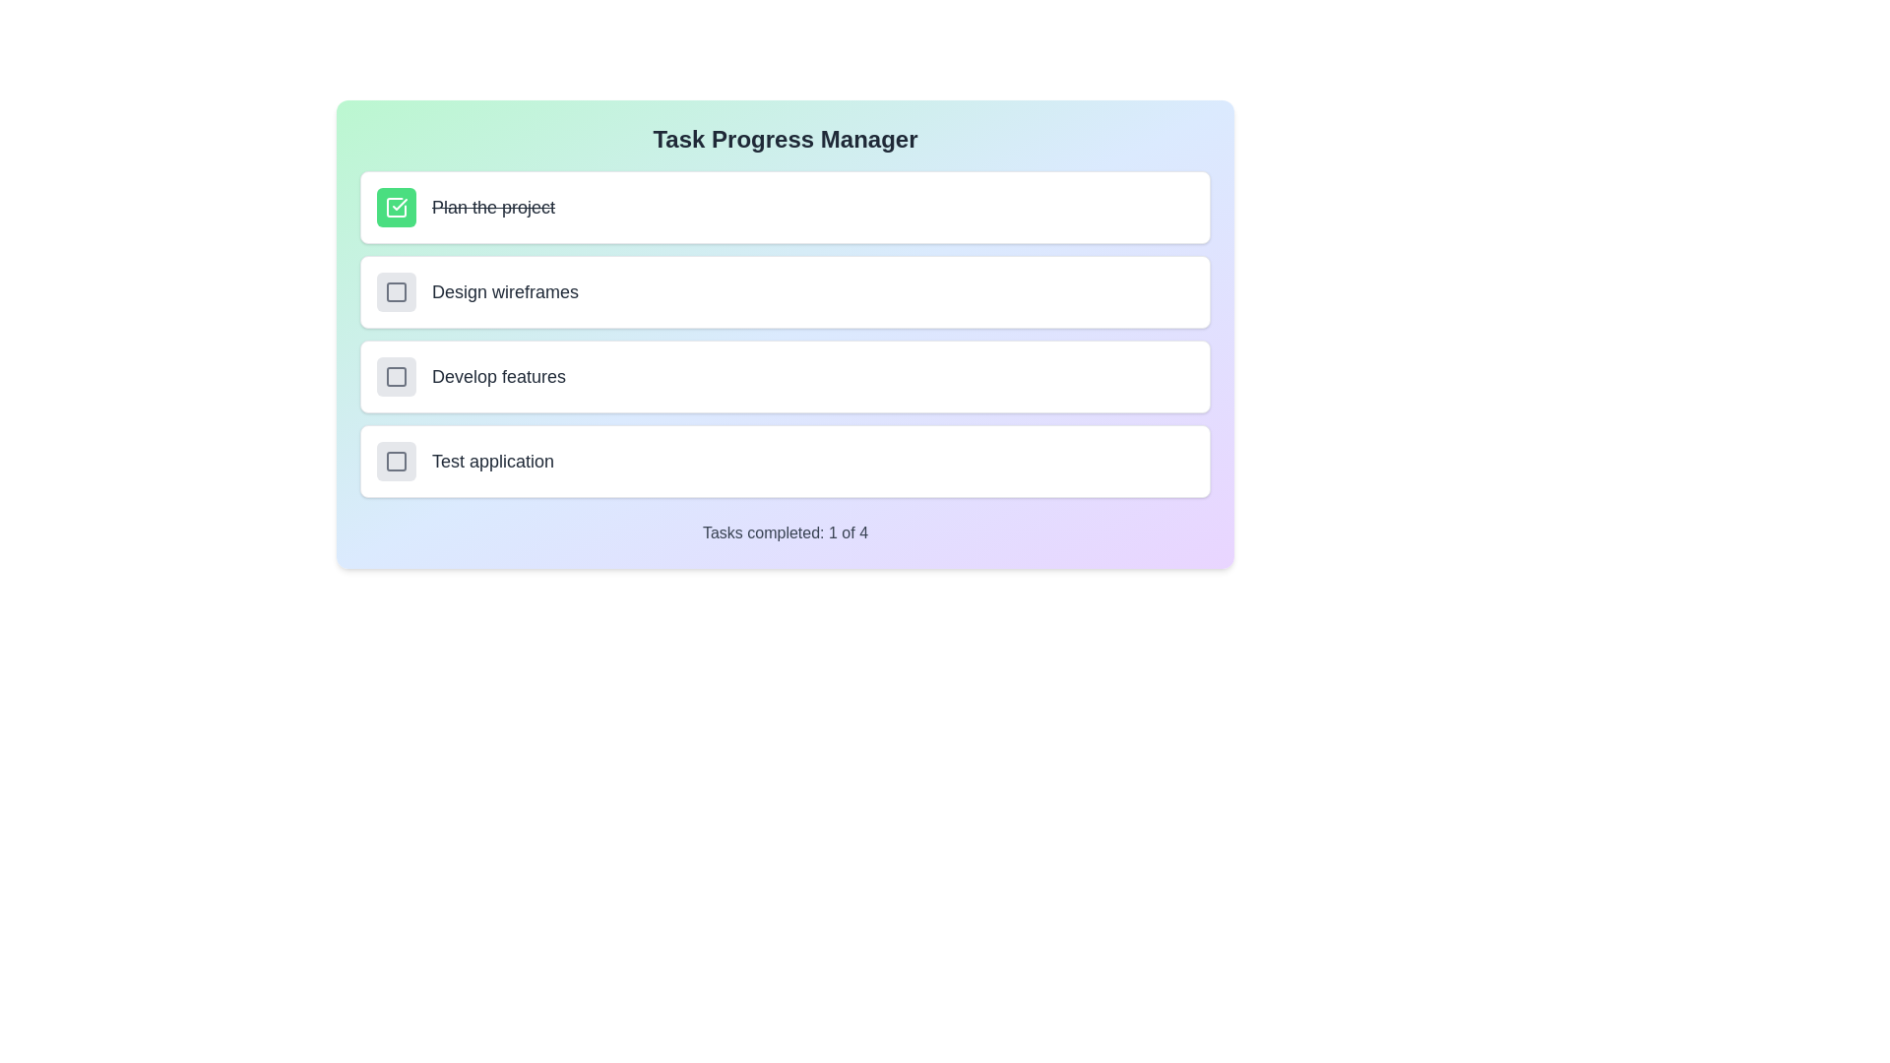 This screenshot has height=1063, width=1890. What do you see at coordinates (396, 208) in the screenshot?
I see `the background square component of the checkbox icon labeled 'Plan the project'` at bounding box center [396, 208].